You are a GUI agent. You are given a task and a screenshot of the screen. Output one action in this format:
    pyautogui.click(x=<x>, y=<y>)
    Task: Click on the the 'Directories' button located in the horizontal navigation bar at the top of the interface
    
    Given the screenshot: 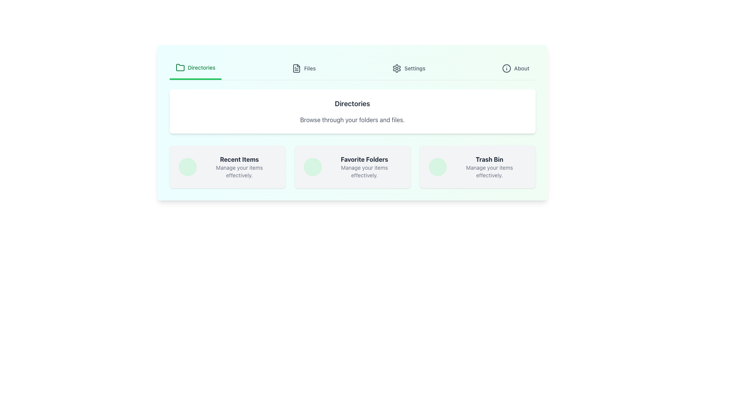 What is the action you would take?
    pyautogui.click(x=195, y=68)
    